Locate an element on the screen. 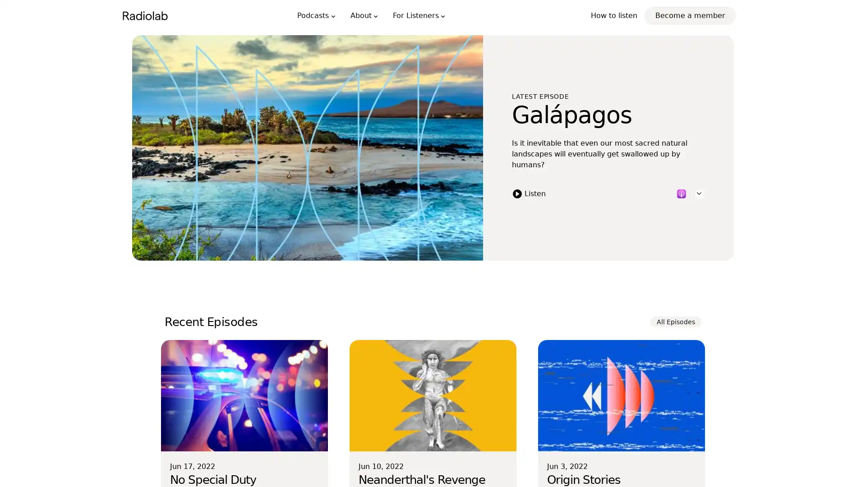 The image size is (866, 487). Listen to this episode on Apple Podcasts is located at coordinates (681, 193).